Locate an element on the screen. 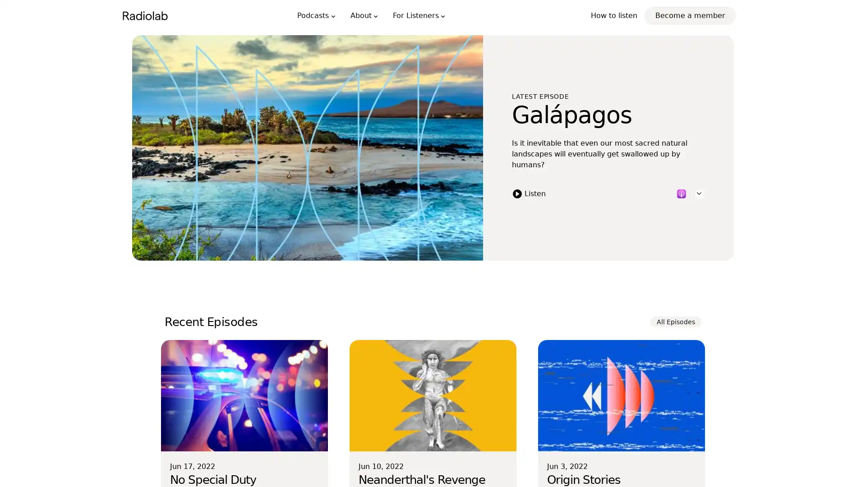 The image size is (866, 487). Listen to this episode on Apple Podcasts is located at coordinates (681, 193).